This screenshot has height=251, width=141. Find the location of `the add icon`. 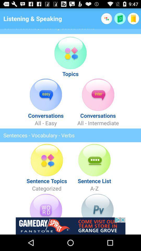

the add icon is located at coordinates (106, 20).